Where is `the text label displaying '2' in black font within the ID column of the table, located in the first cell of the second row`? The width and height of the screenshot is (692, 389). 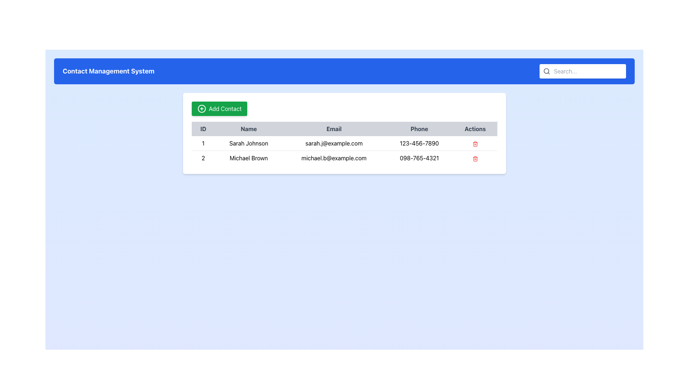 the text label displaying '2' in black font within the ID column of the table, located in the first cell of the second row is located at coordinates (203, 157).